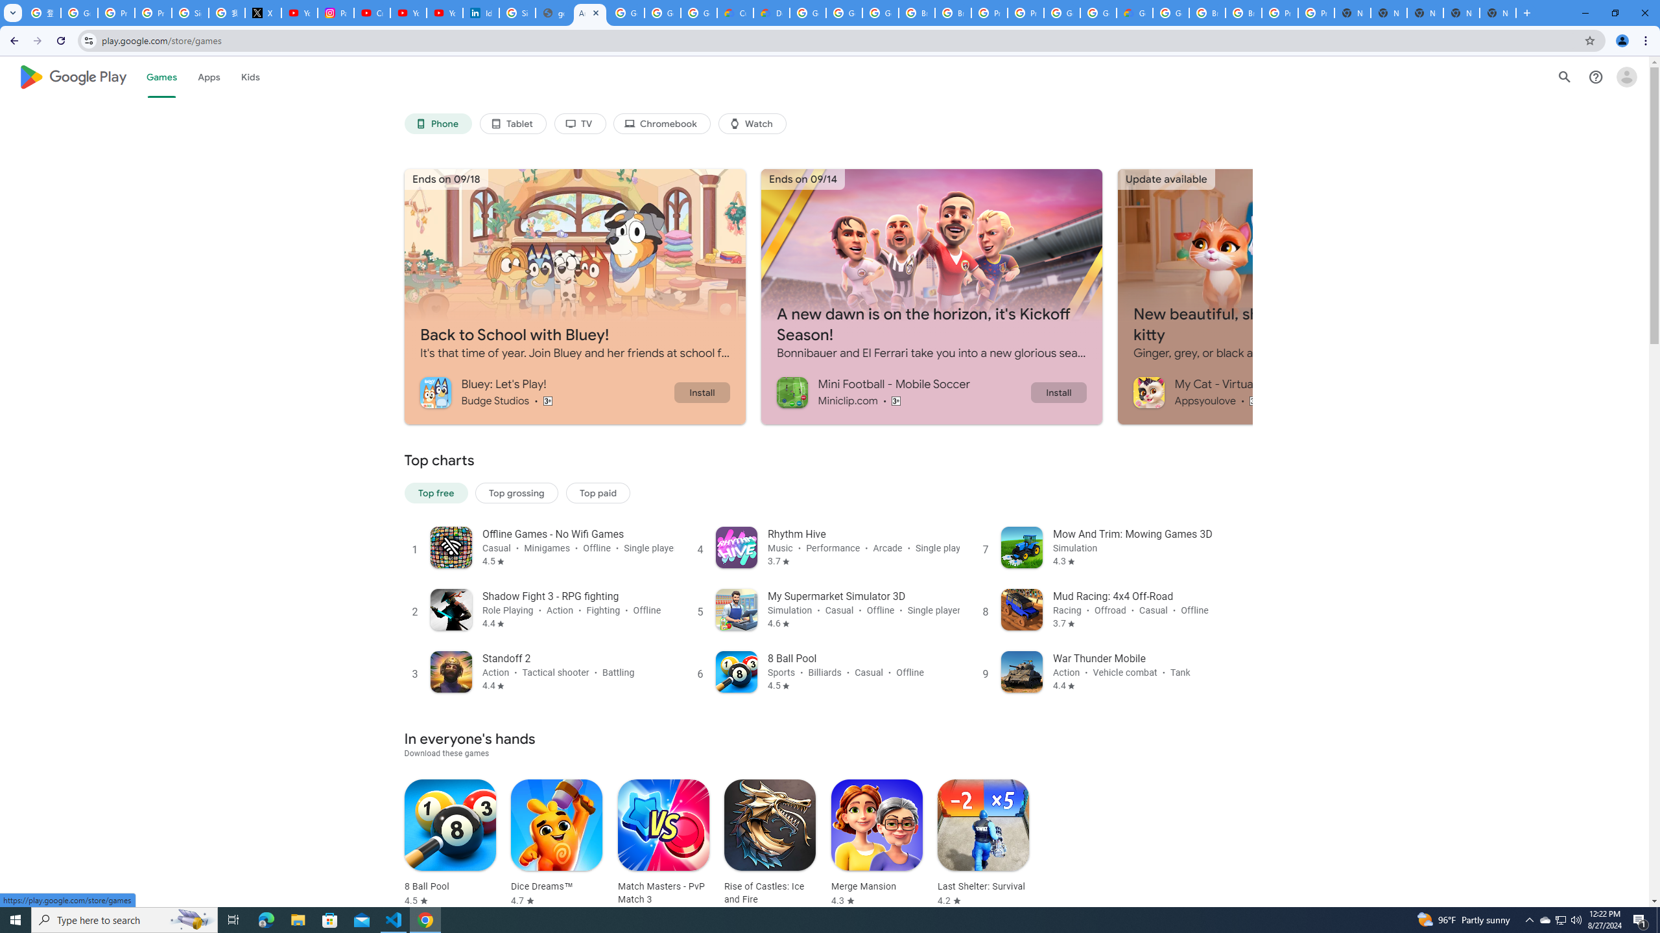 The image size is (1660, 933). What do you see at coordinates (516, 493) in the screenshot?
I see `'Top grossing'` at bounding box center [516, 493].